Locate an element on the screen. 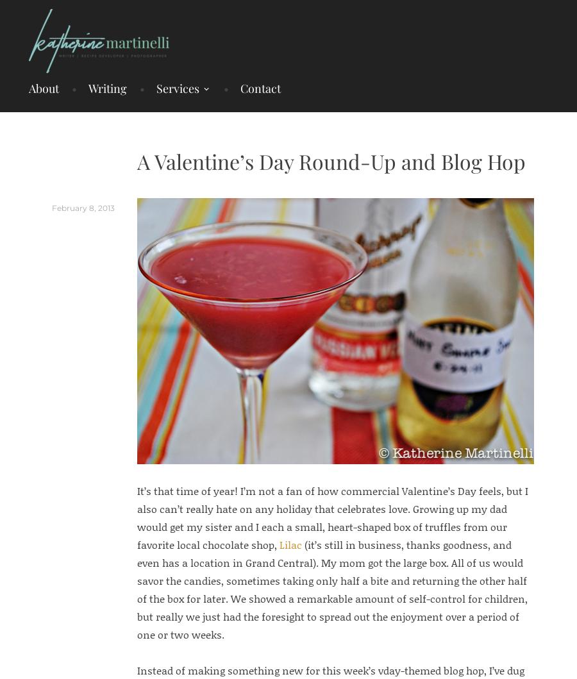 Image resolution: width=577 pixels, height=679 pixels. 'Recipe Index' is located at coordinates (323, 130).